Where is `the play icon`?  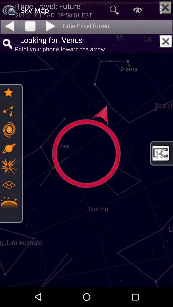
the play icon is located at coordinates (51, 26).